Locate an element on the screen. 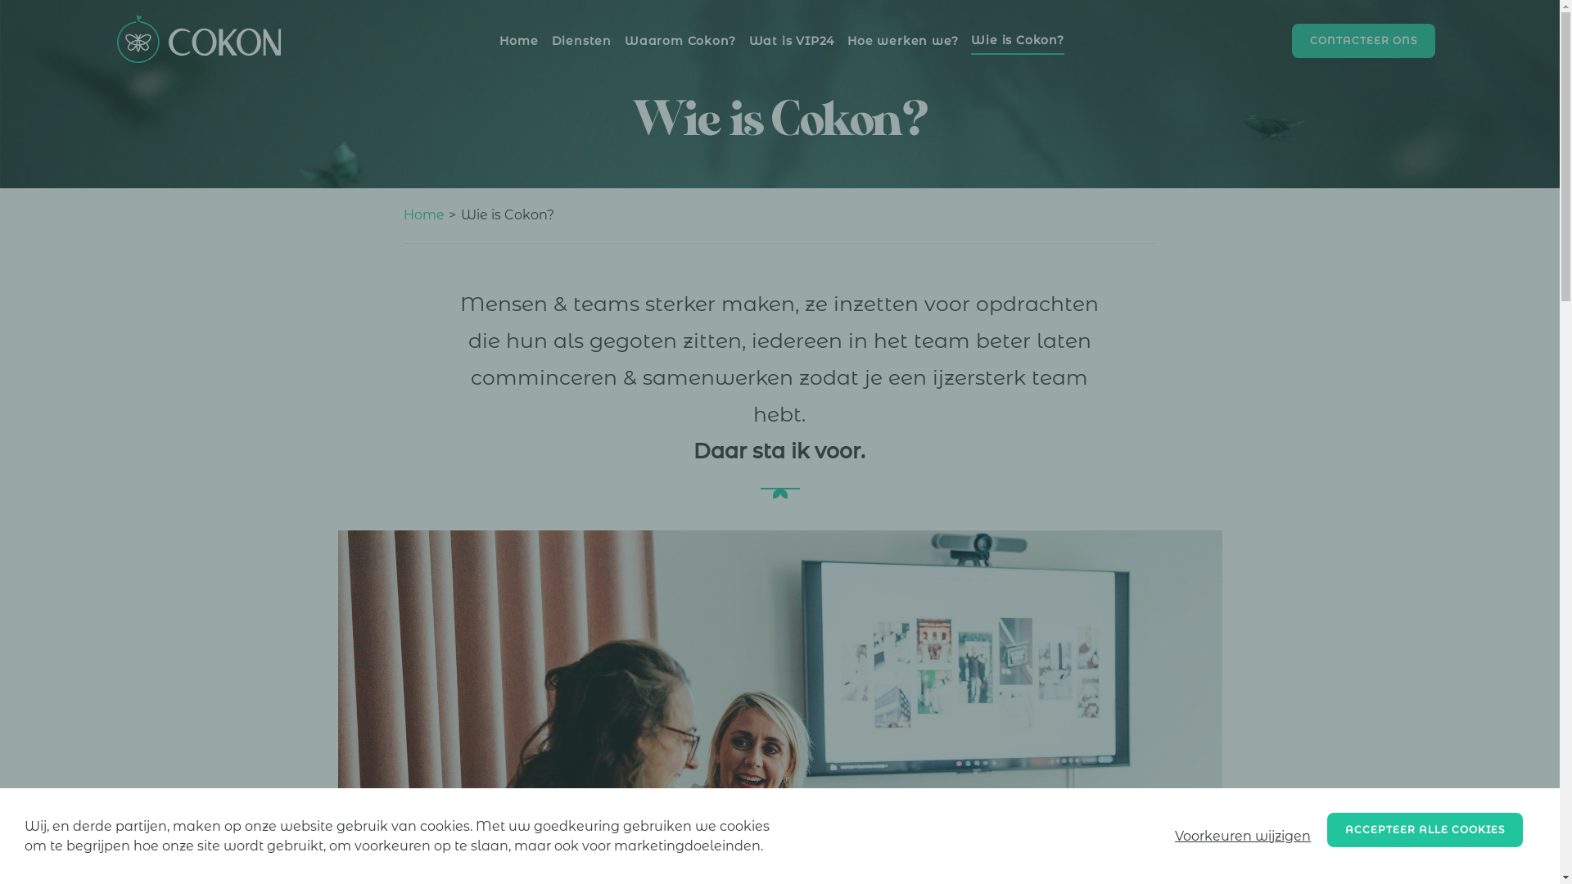 This screenshot has width=1572, height=884. 'Wat is VIP24' is located at coordinates (791, 39).